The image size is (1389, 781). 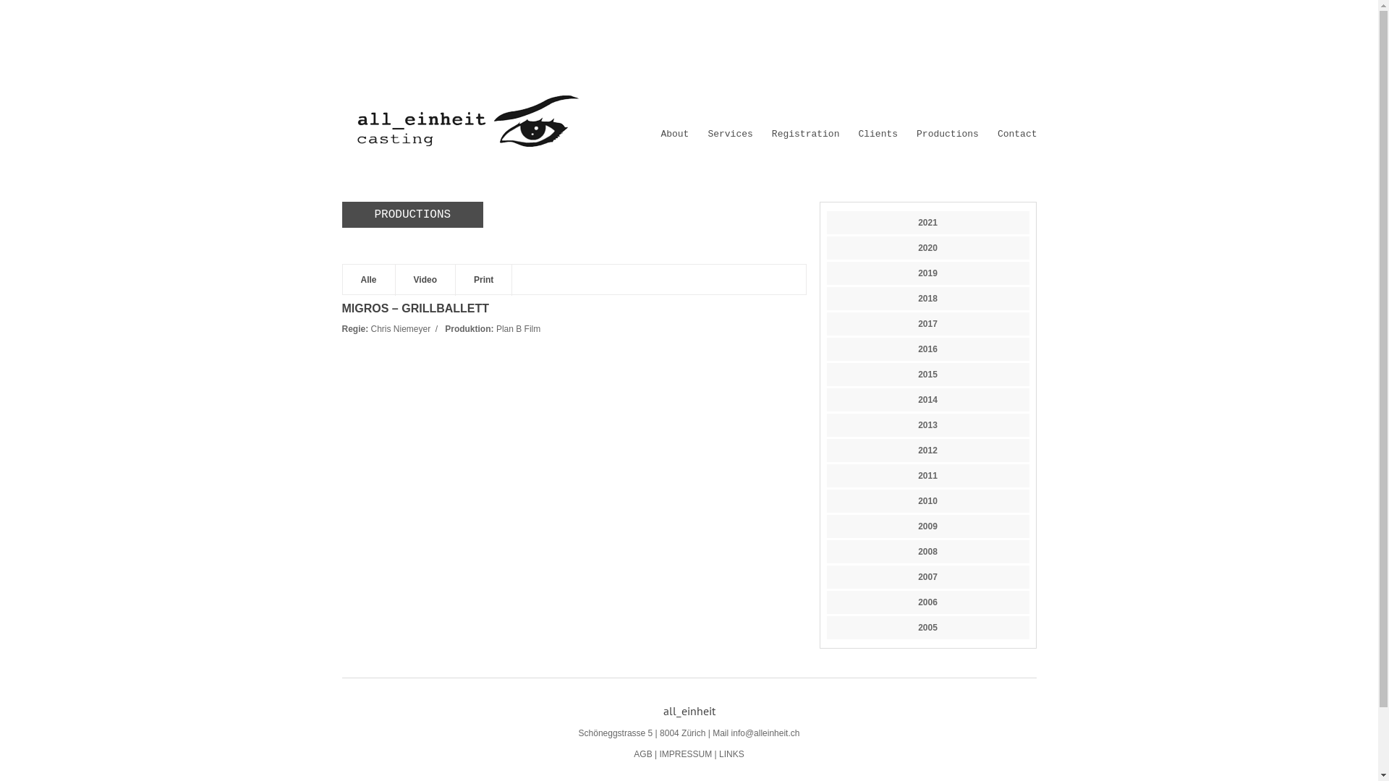 What do you see at coordinates (684, 753) in the screenshot?
I see `'IMPRESSUM'` at bounding box center [684, 753].